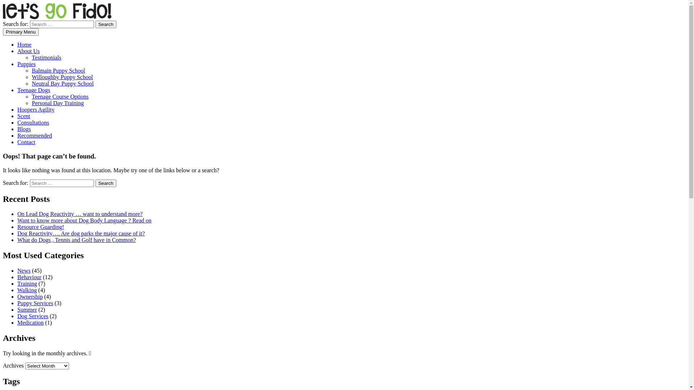 The width and height of the screenshot is (694, 390). I want to click on 'Testimonials', so click(46, 57).